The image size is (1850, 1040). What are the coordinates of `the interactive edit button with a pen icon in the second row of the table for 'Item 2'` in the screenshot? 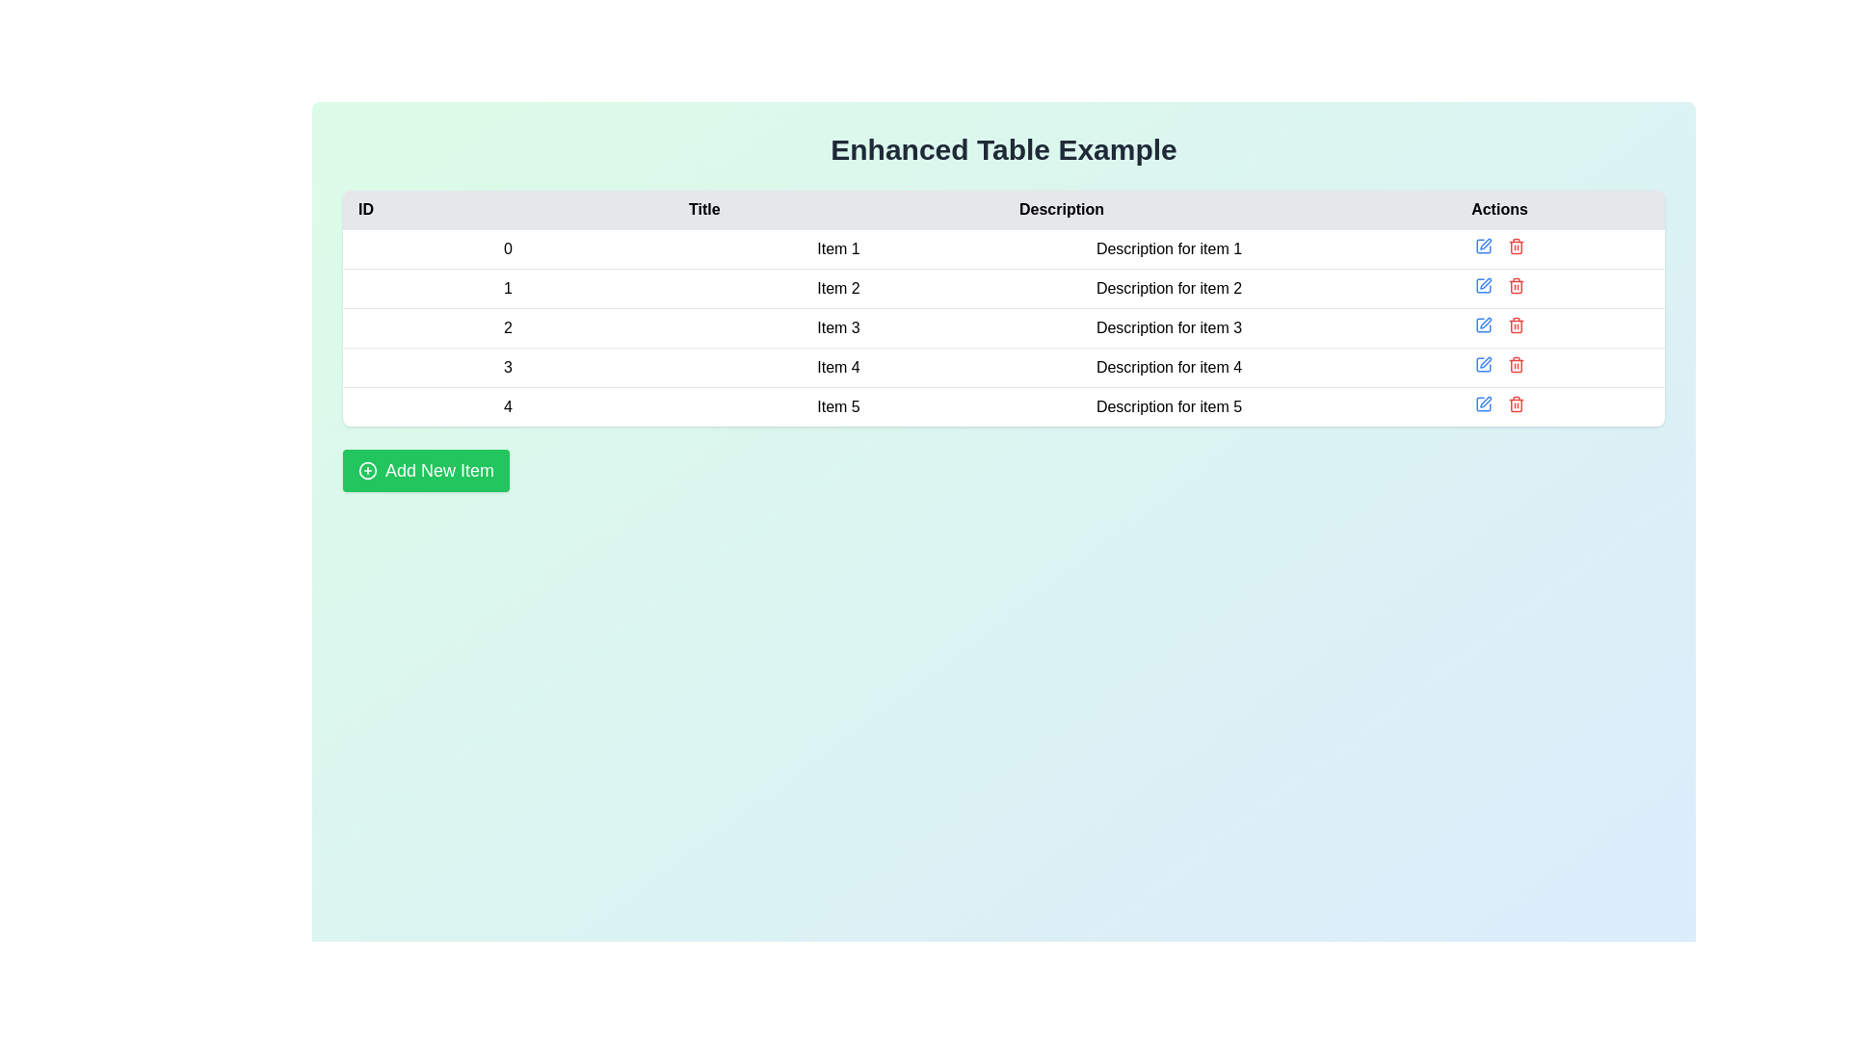 It's located at (1482, 286).